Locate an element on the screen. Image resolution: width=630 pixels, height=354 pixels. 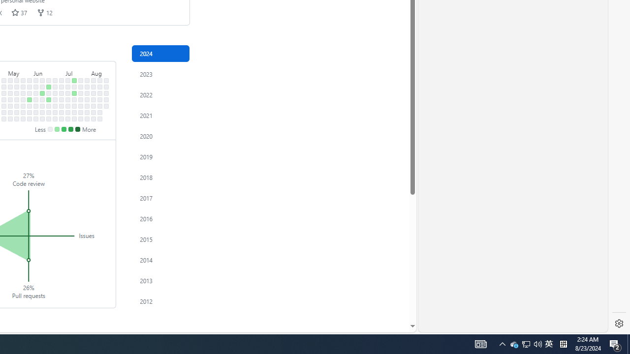
'No contributions on June 2nd.' is located at coordinates (36, 80).